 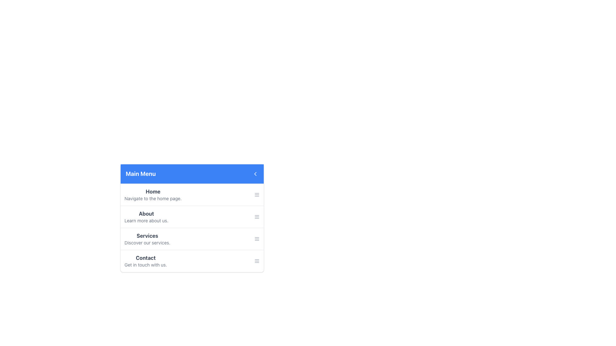 I want to click on descriptive text located under the 'Services' header in the vertical menu, which informs users about the content or functionality linked to this option, so click(x=147, y=243).